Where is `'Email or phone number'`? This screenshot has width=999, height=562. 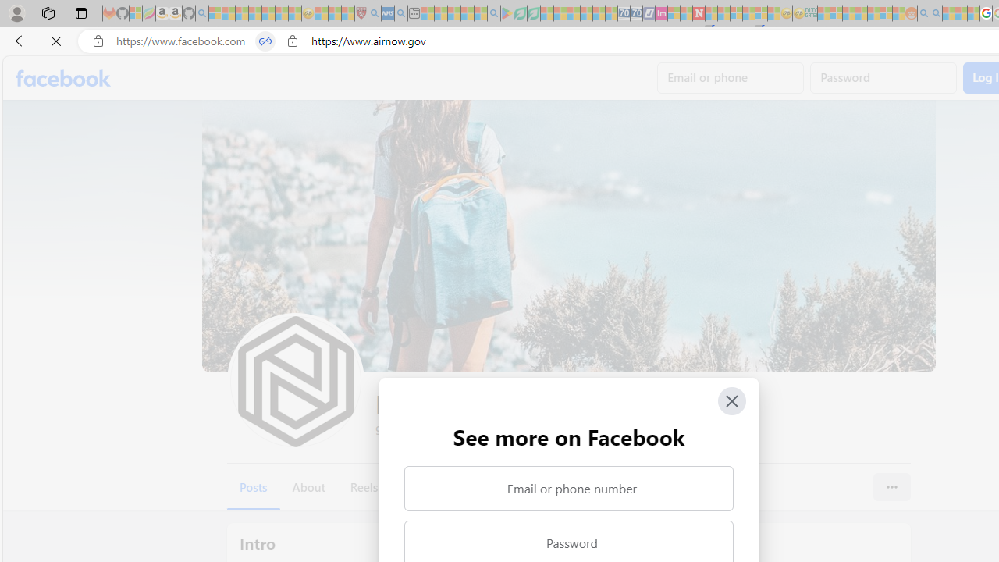
'Email or phone number' is located at coordinates (567, 488).